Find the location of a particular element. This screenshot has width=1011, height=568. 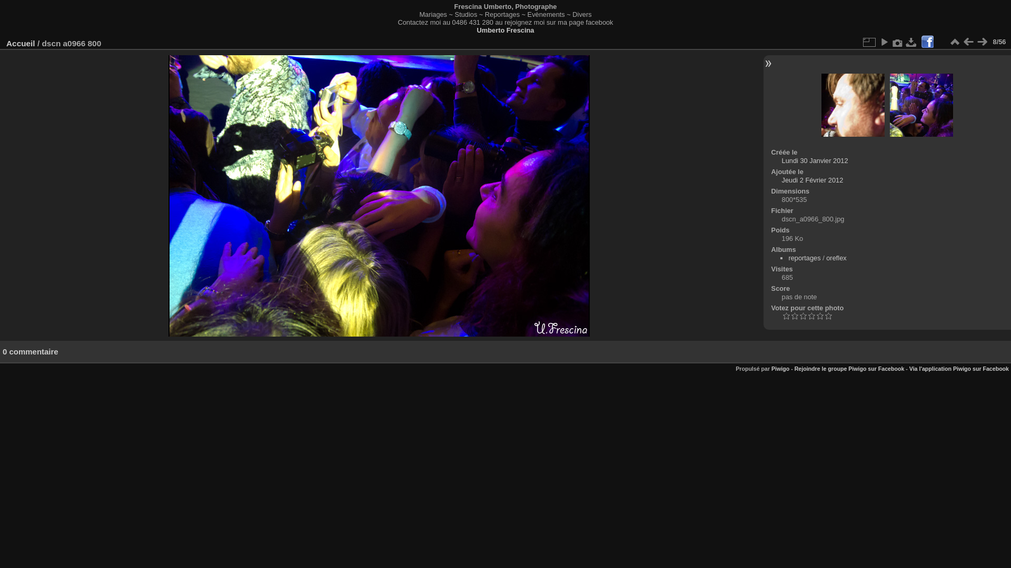

'Via l'application Piwigo sur Facebook' is located at coordinates (959, 368).